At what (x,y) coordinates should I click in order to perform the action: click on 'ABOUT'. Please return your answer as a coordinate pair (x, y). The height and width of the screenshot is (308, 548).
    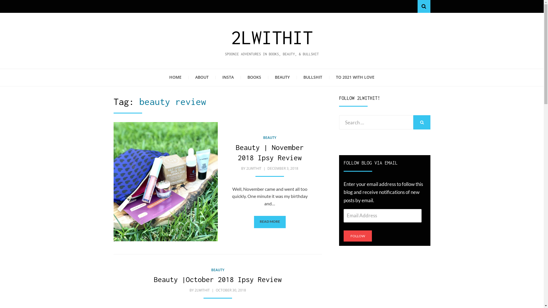
    Looking at the image, I should click on (202, 78).